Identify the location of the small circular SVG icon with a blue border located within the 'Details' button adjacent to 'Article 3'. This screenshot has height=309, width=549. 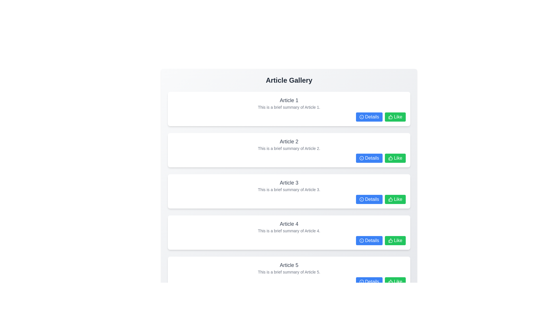
(361, 199).